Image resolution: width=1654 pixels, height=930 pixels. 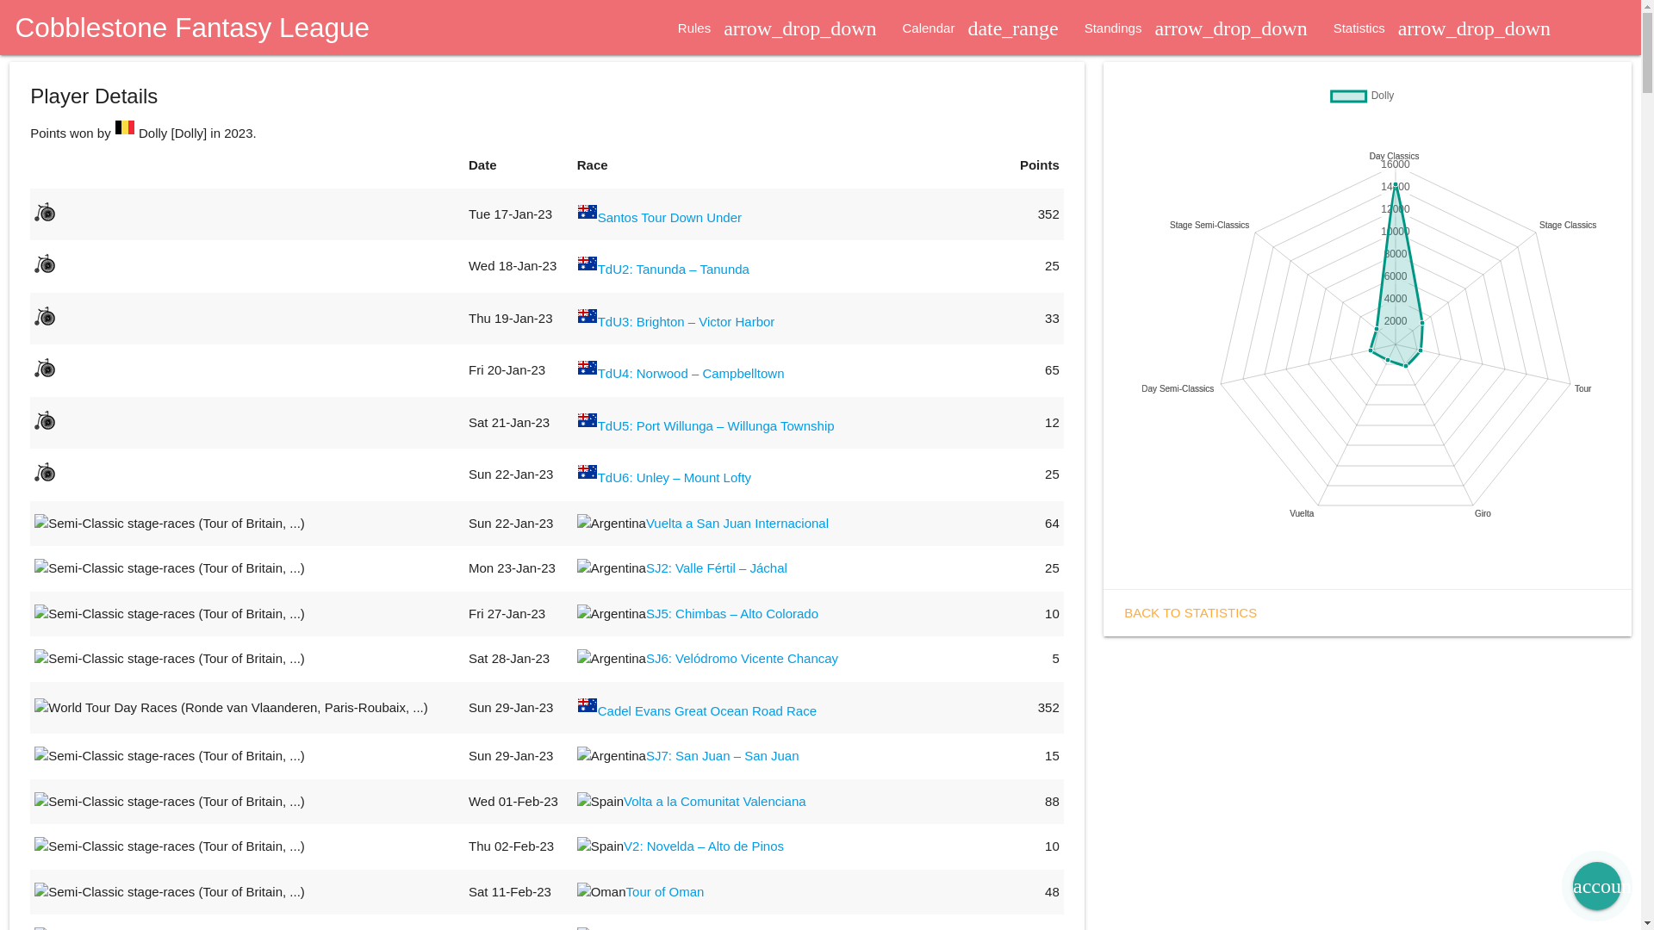 What do you see at coordinates (1572, 886) in the screenshot?
I see `'account_circle'` at bounding box center [1572, 886].